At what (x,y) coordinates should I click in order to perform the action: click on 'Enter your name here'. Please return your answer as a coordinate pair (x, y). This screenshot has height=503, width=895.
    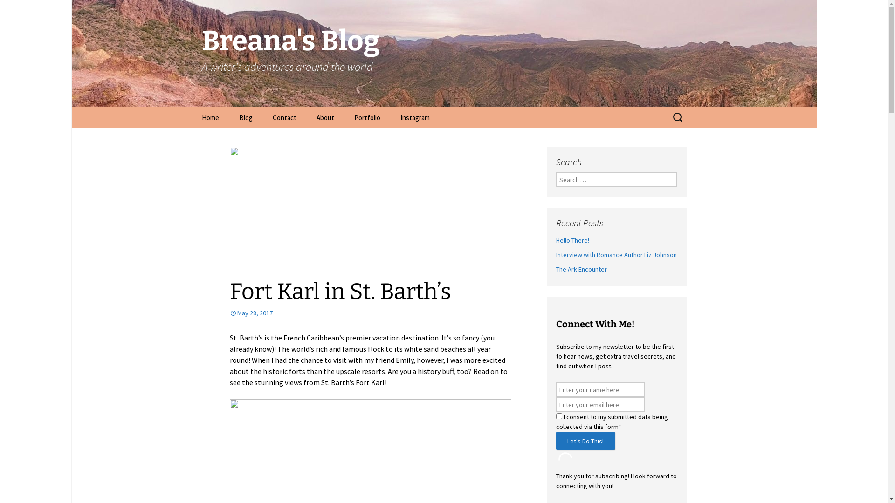
    Looking at the image, I should click on (599, 390).